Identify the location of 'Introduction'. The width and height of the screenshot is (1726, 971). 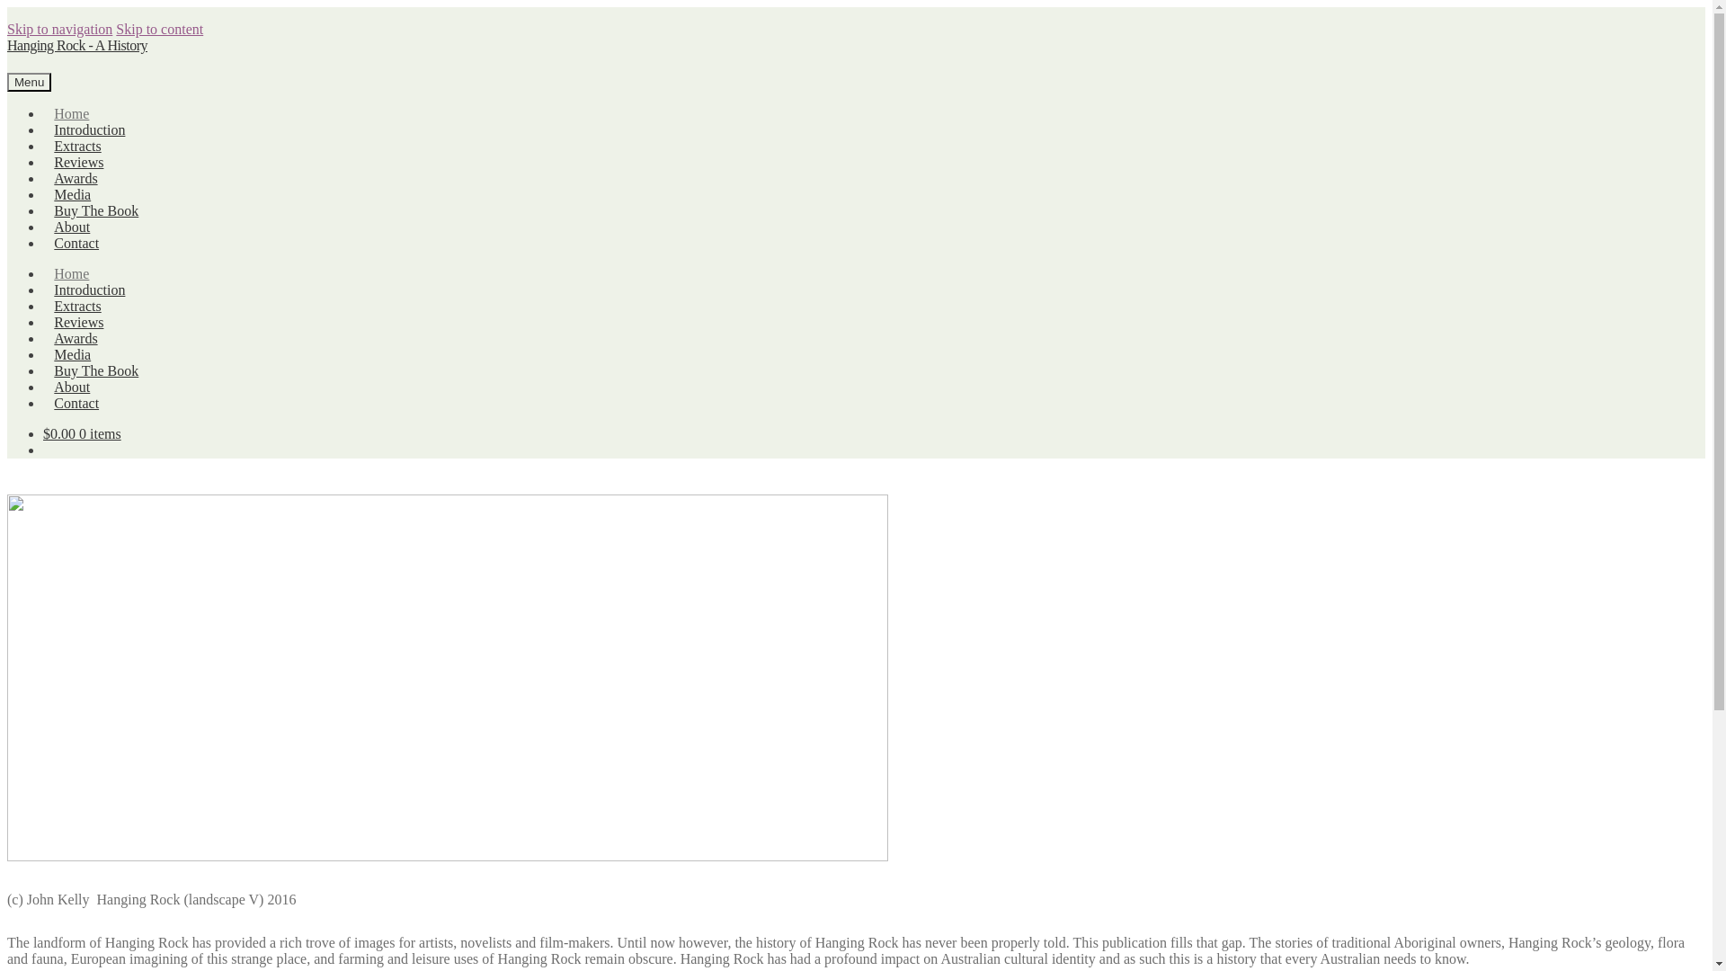
(89, 290).